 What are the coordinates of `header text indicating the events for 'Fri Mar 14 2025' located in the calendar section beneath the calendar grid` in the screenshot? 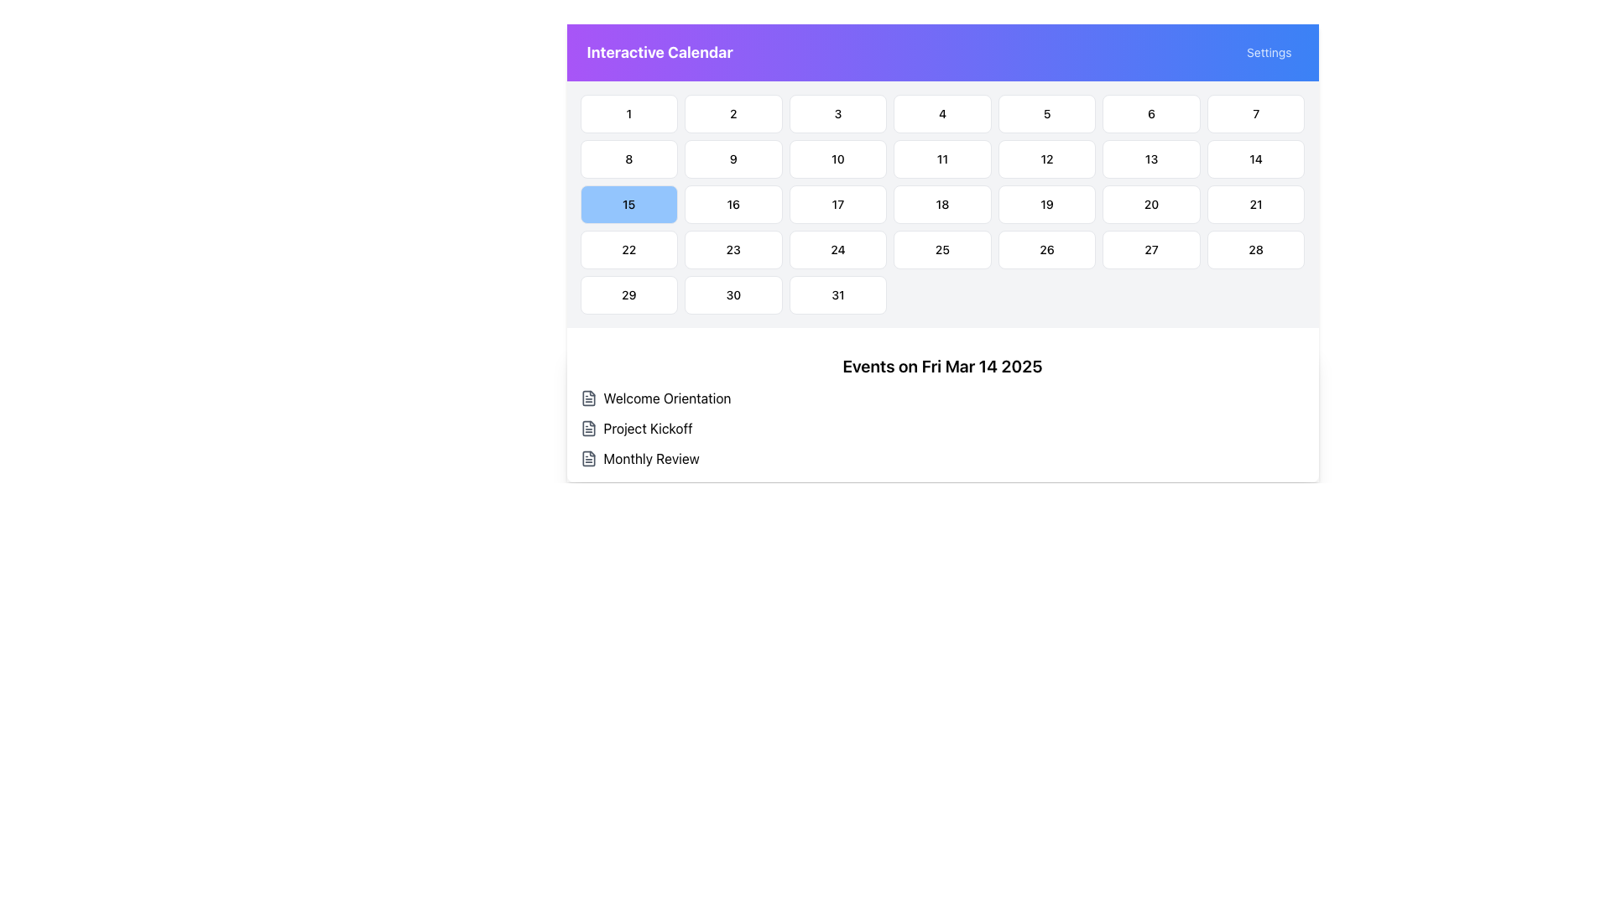 It's located at (942, 365).